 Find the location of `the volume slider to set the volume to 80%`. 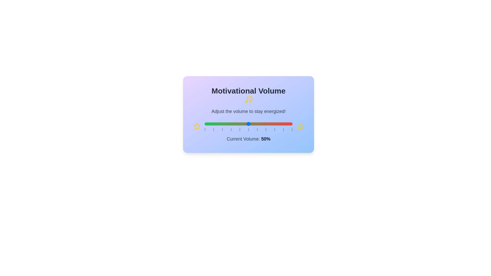

the volume slider to set the volume to 80% is located at coordinates (275, 124).